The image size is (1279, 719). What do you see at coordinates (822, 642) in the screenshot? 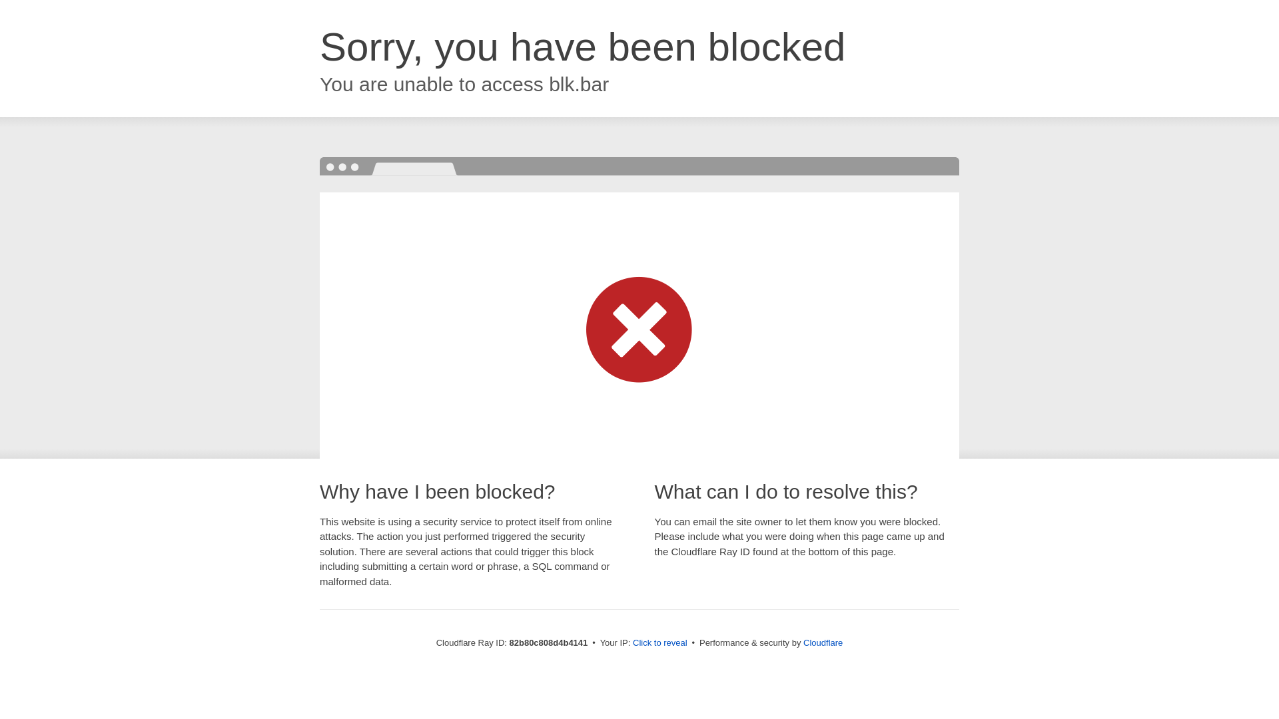
I see `'Cloudflare'` at bounding box center [822, 642].